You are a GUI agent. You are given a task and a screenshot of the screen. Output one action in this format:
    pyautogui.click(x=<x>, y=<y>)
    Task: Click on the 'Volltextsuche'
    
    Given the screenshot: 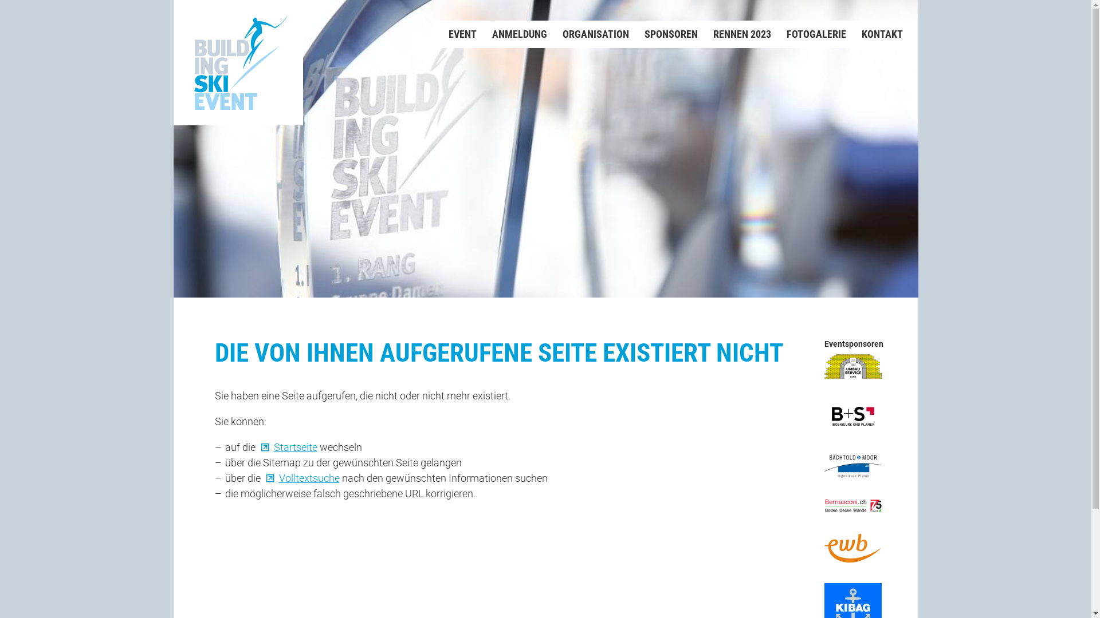 What is the action you would take?
    pyautogui.click(x=300, y=477)
    